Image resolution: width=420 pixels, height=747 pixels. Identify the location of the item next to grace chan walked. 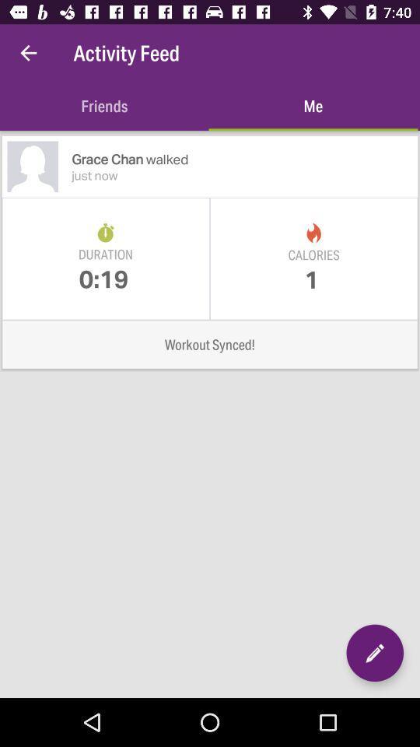
(33, 167).